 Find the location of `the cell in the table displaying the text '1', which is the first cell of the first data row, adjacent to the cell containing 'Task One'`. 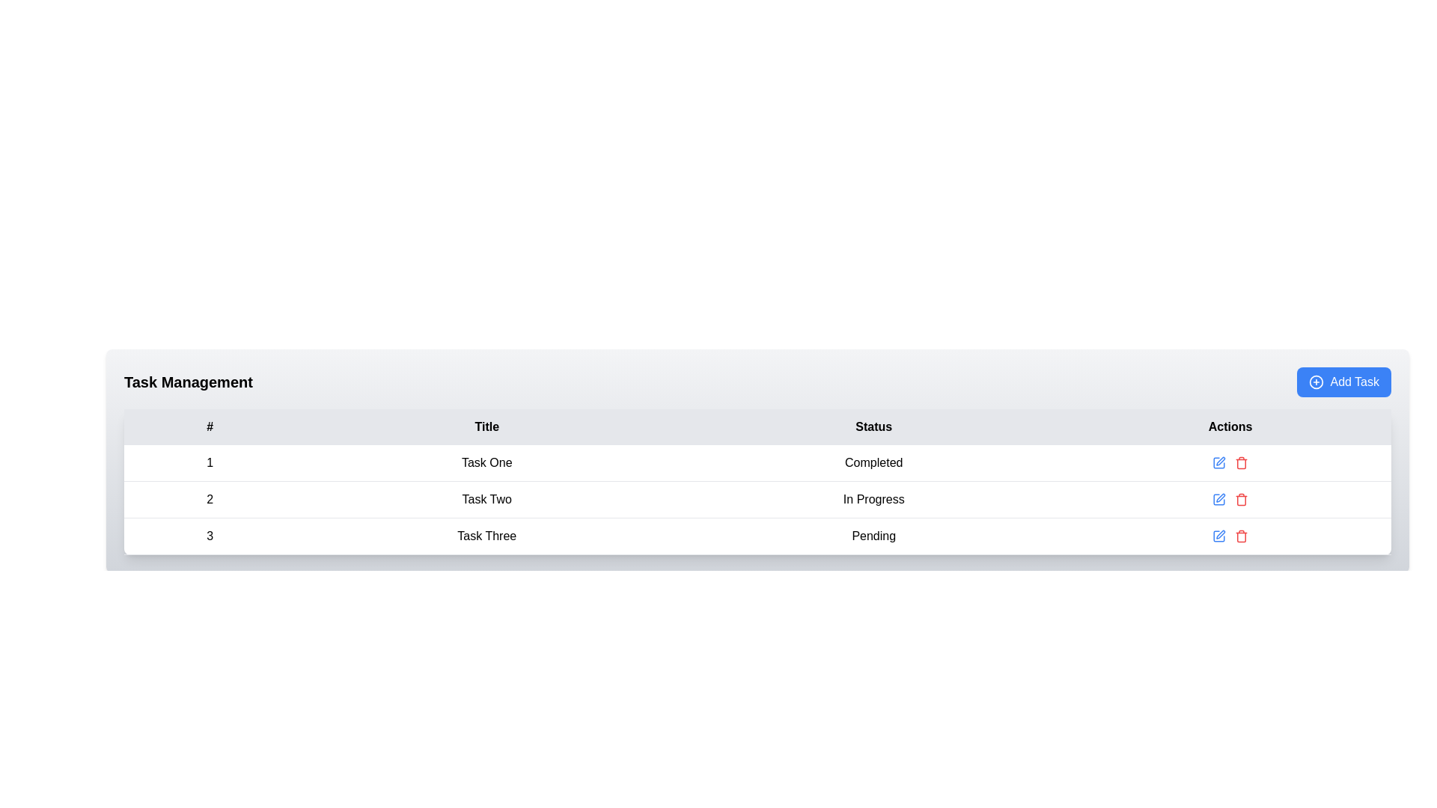

the cell in the table displaying the text '1', which is the first cell of the first data row, adjacent to the cell containing 'Task One' is located at coordinates (209, 462).